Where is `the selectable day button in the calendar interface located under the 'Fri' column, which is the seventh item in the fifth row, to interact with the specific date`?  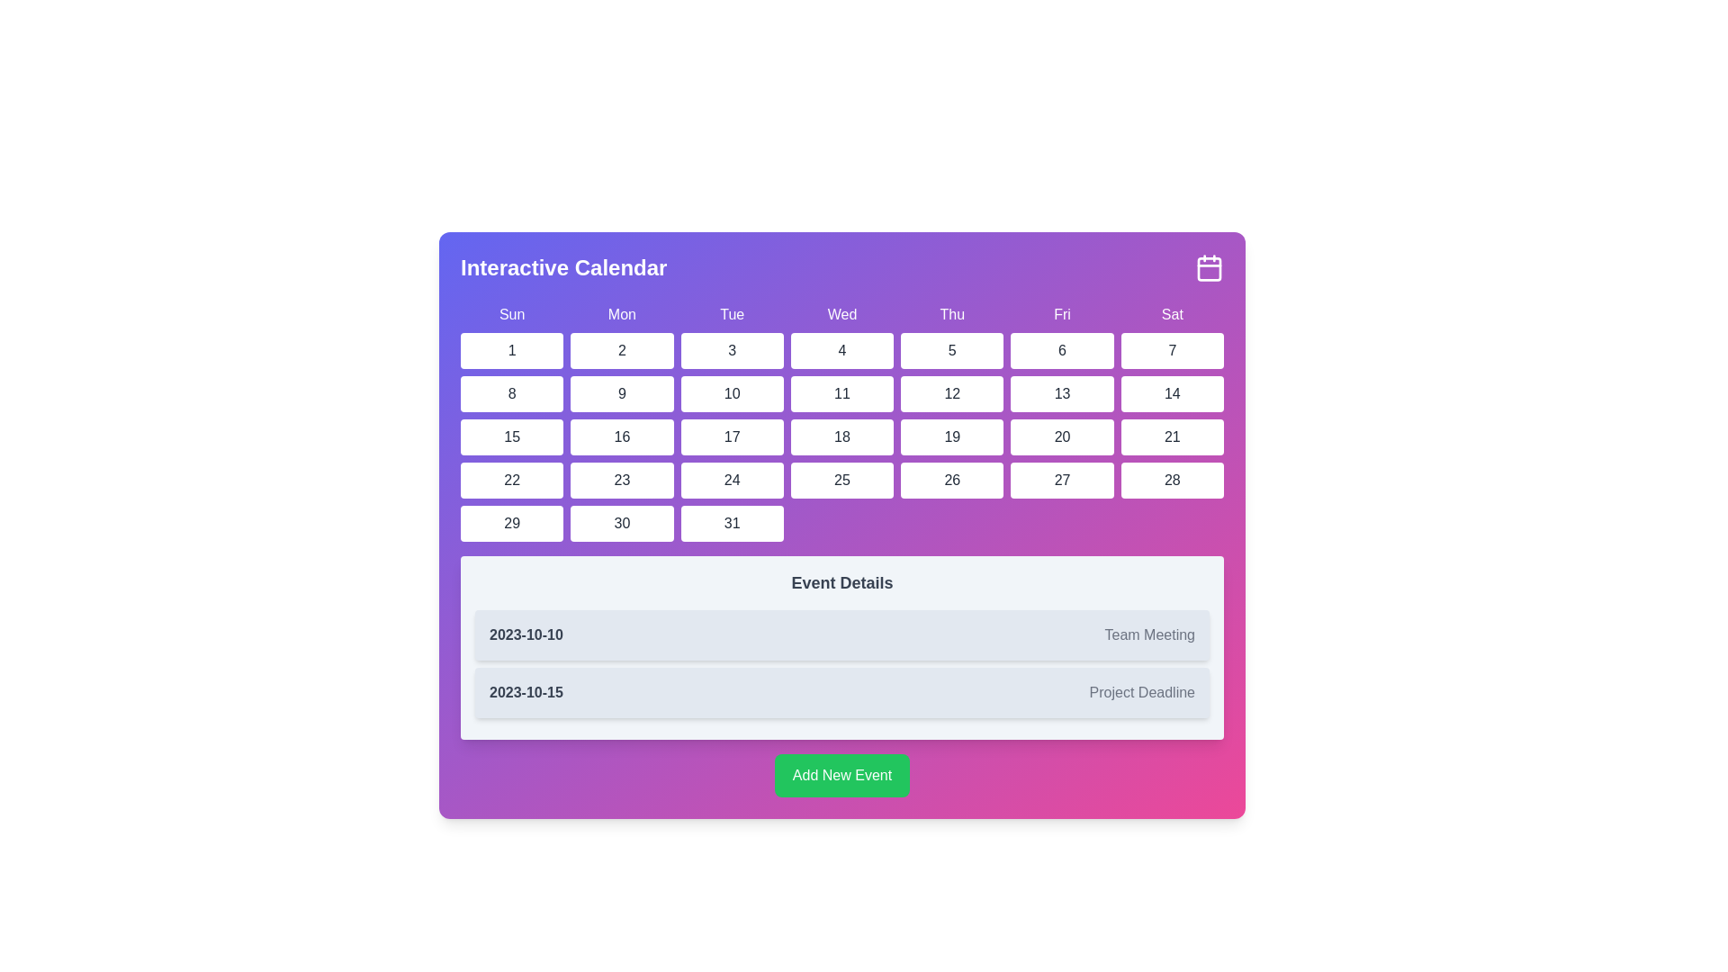
the selectable day button in the calendar interface located under the 'Fri' column, which is the seventh item in the fifth row, to interact with the specific date is located at coordinates (1062, 479).